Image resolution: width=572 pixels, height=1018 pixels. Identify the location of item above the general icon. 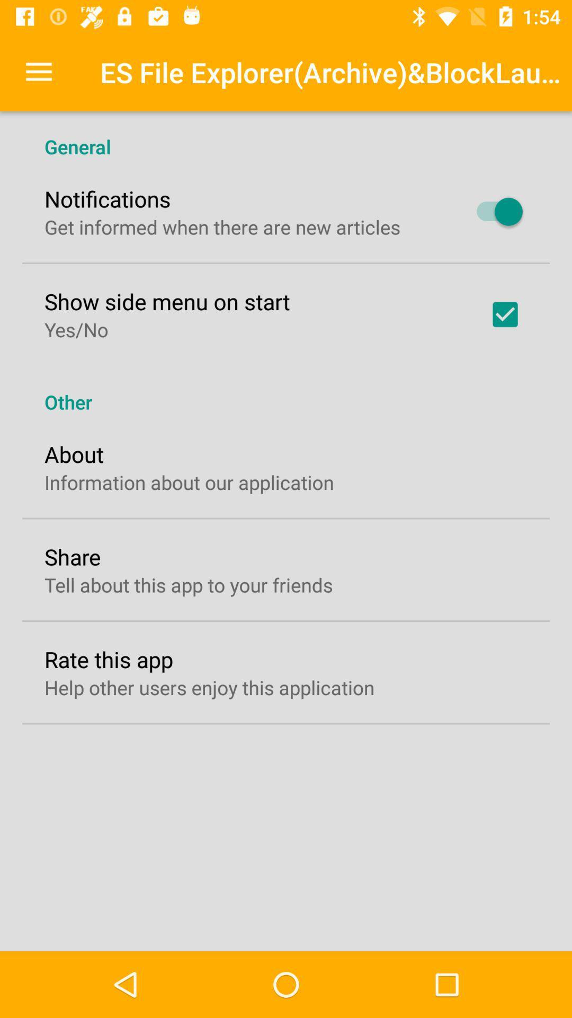
(38, 72).